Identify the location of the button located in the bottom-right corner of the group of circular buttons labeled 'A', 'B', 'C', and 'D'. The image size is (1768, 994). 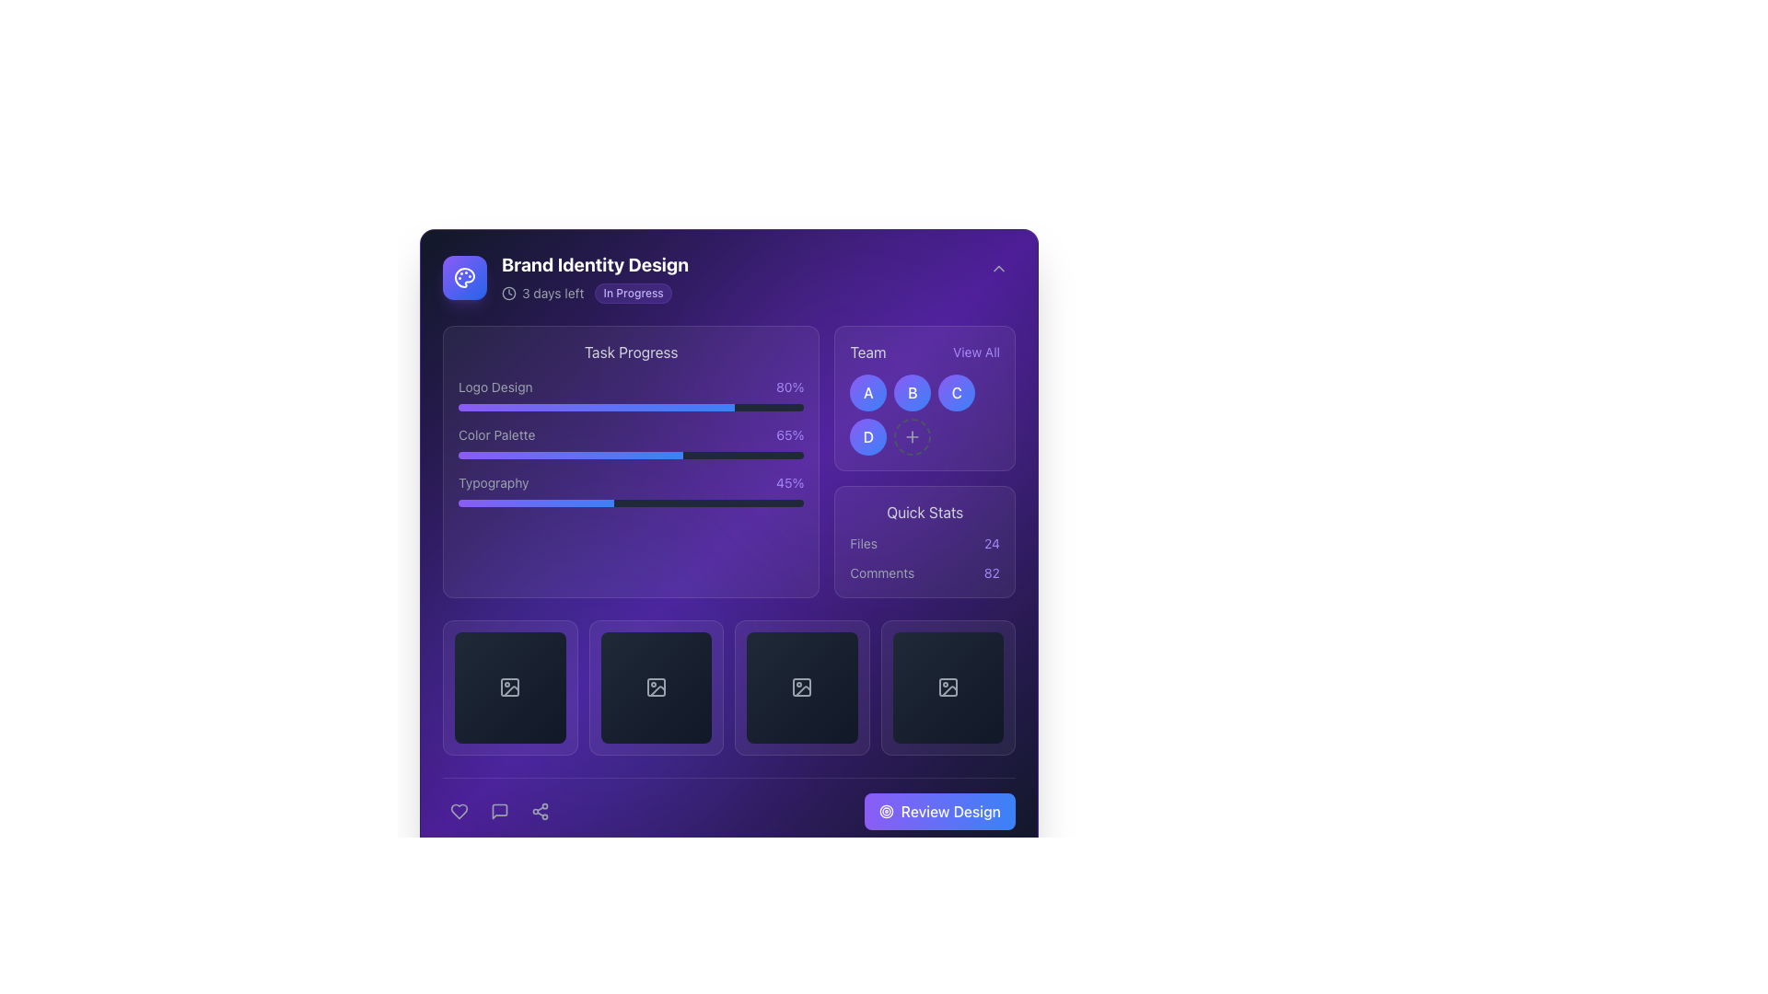
(913, 436).